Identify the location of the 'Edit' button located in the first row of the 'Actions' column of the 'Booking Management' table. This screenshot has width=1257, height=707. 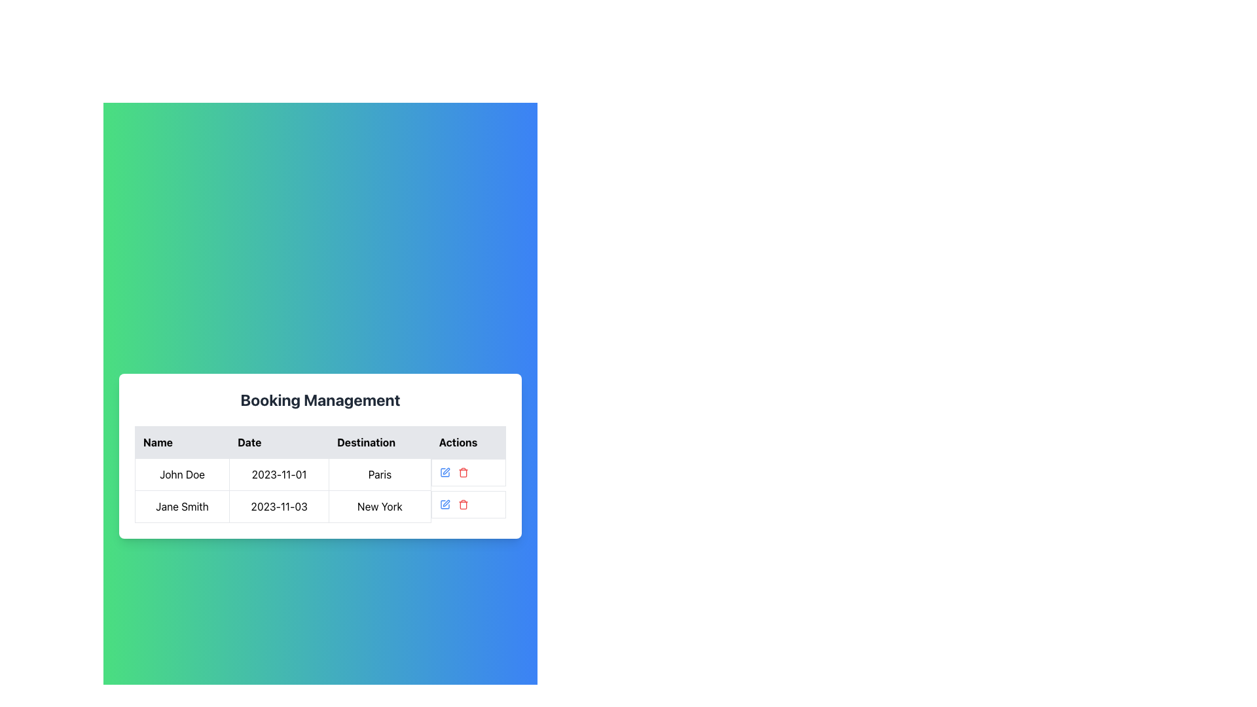
(445, 472).